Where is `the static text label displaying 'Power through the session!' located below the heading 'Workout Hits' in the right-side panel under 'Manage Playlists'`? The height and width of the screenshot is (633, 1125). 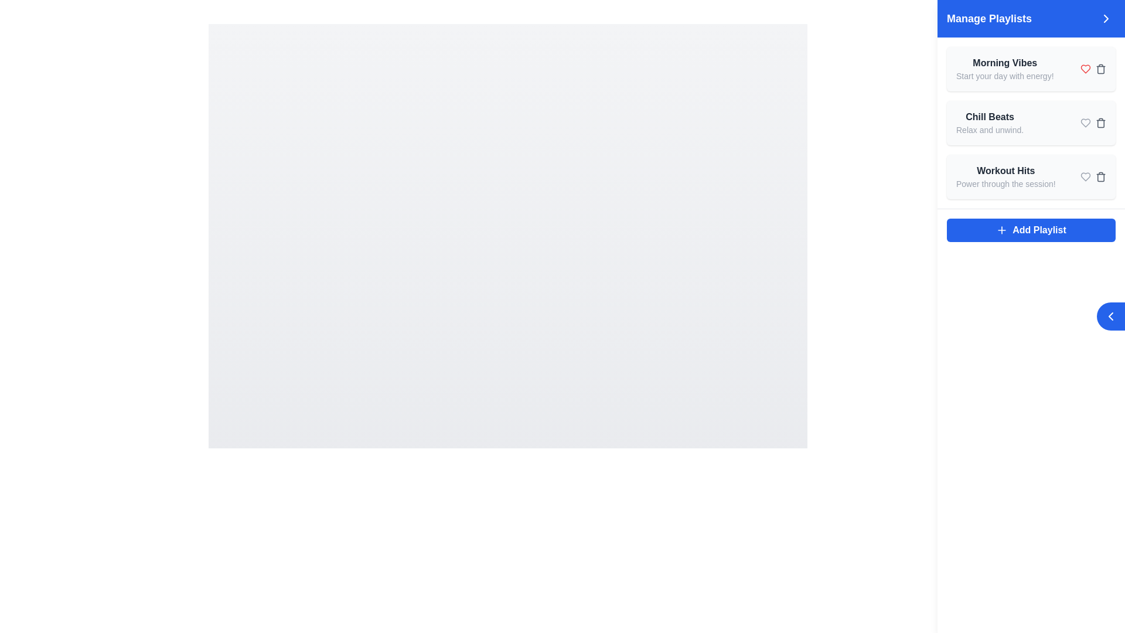 the static text label displaying 'Power through the session!' located below the heading 'Workout Hits' in the right-side panel under 'Manage Playlists' is located at coordinates (1005, 183).